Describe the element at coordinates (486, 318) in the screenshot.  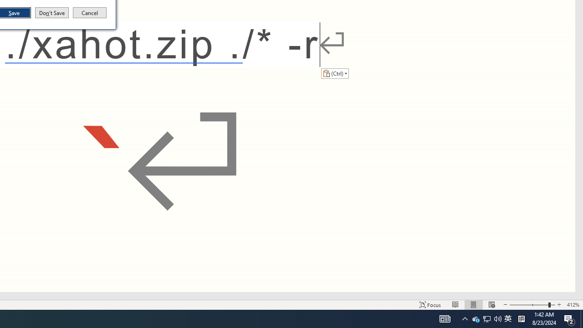
I see `'Q2790: 100%'` at that location.